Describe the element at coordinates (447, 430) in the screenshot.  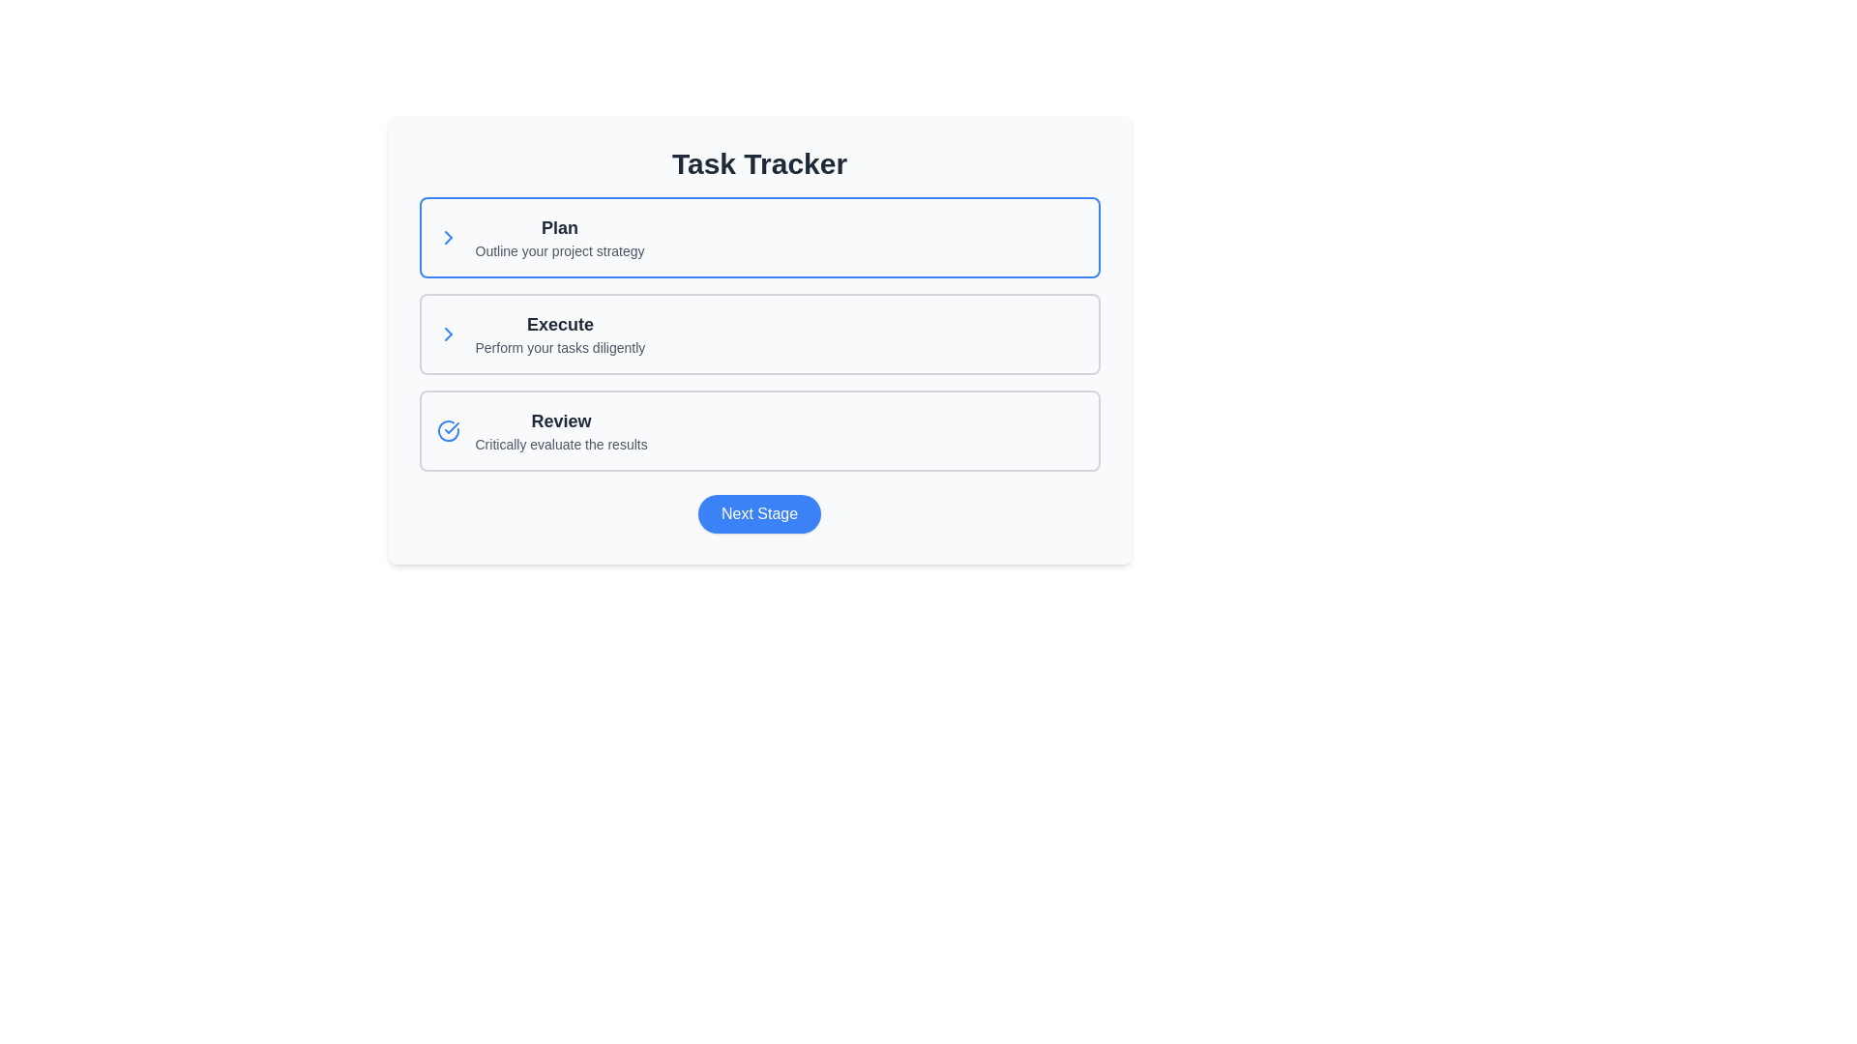
I see `the circular blue icon with a checkmark located at the left side of the 'Review' section in the 'Task Tracker' interface` at that location.